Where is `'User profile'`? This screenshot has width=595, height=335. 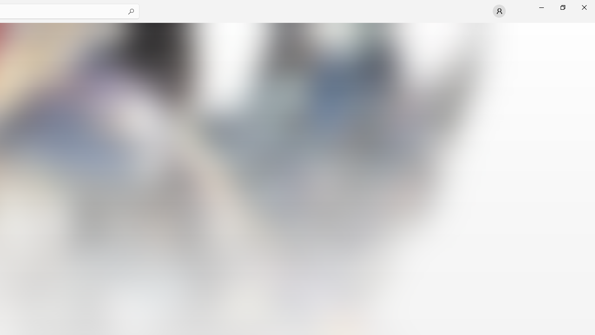 'User profile' is located at coordinates (498, 11).